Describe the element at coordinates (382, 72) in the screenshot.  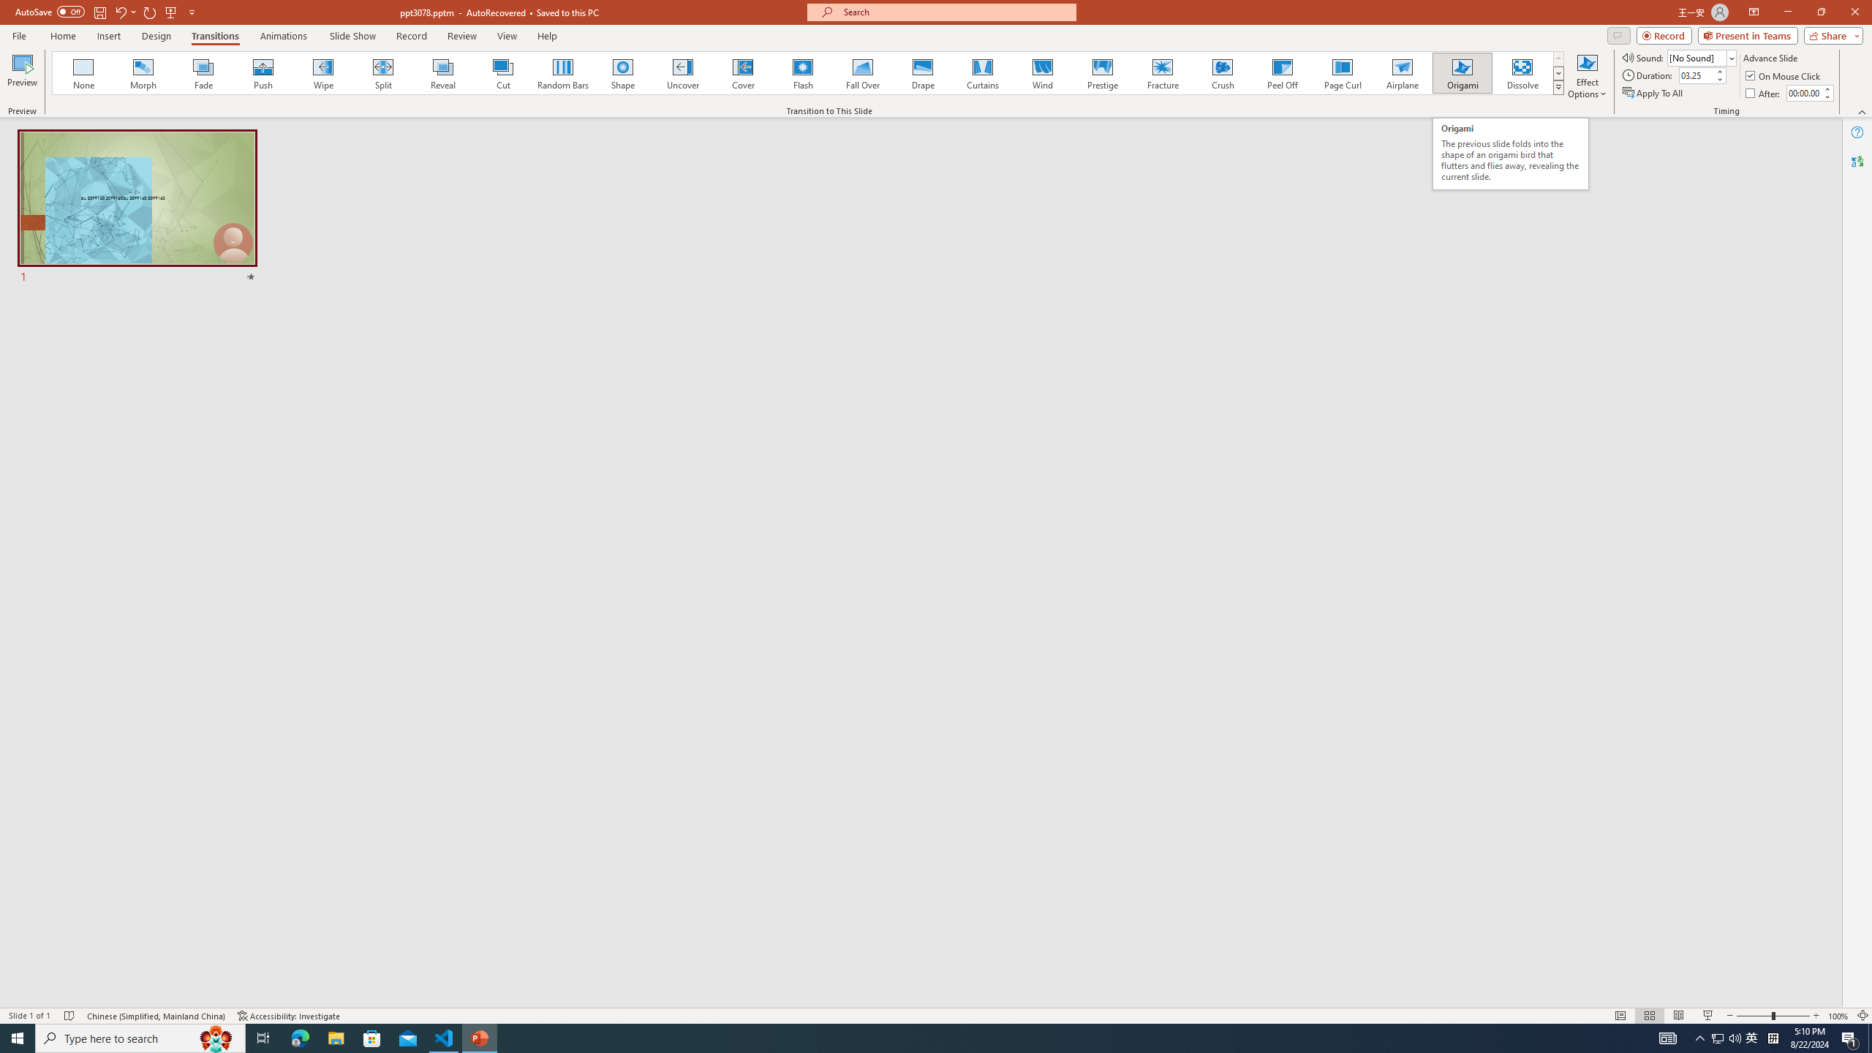
I see `'Split'` at that location.